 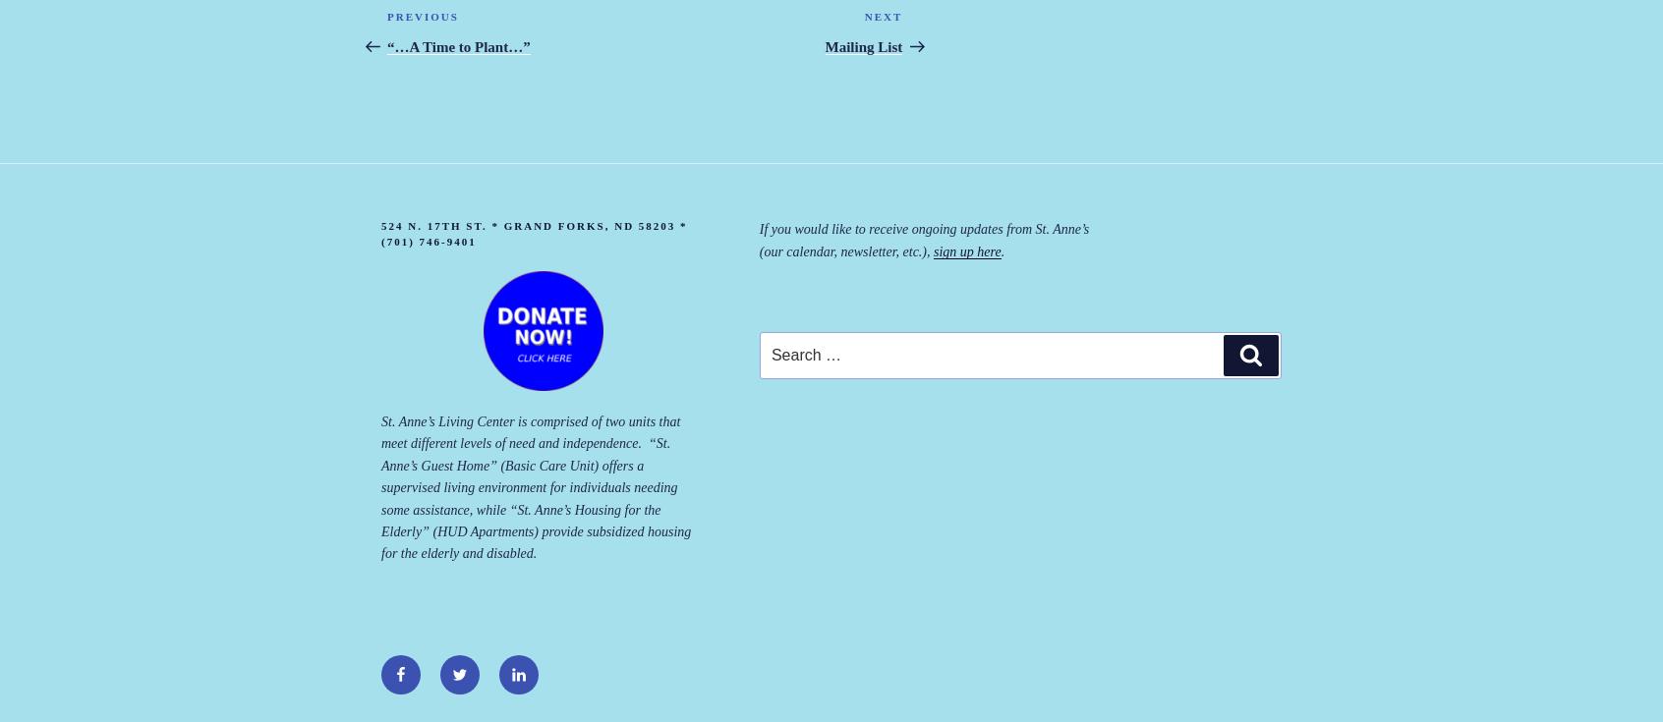 What do you see at coordinates (924, 228) in the screenshot?
I see `'If you would like to receive ongoing updates from St. Anne’s'` at bounding box center [924, 228].